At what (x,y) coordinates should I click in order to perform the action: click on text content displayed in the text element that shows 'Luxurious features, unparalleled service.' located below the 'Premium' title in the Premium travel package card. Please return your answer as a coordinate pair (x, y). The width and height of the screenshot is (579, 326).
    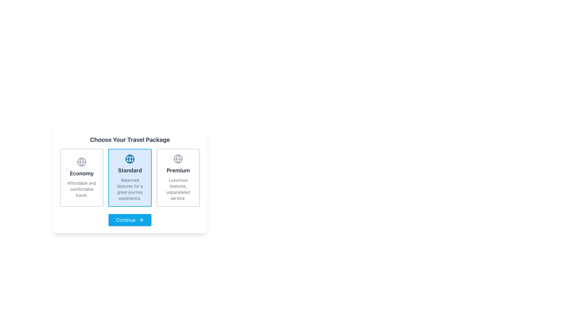
    Looking at the image, I should click on (178, 189).